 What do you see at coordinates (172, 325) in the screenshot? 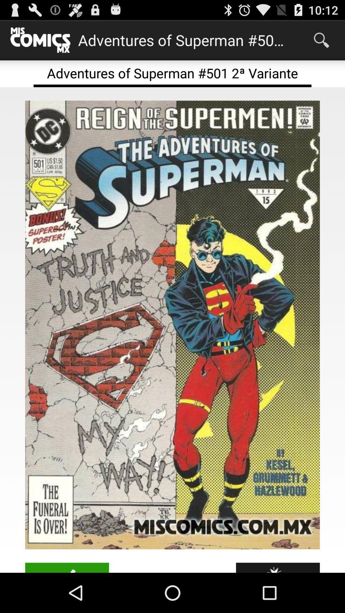
I see `the icon at the center` at bounding box center [172, 325].